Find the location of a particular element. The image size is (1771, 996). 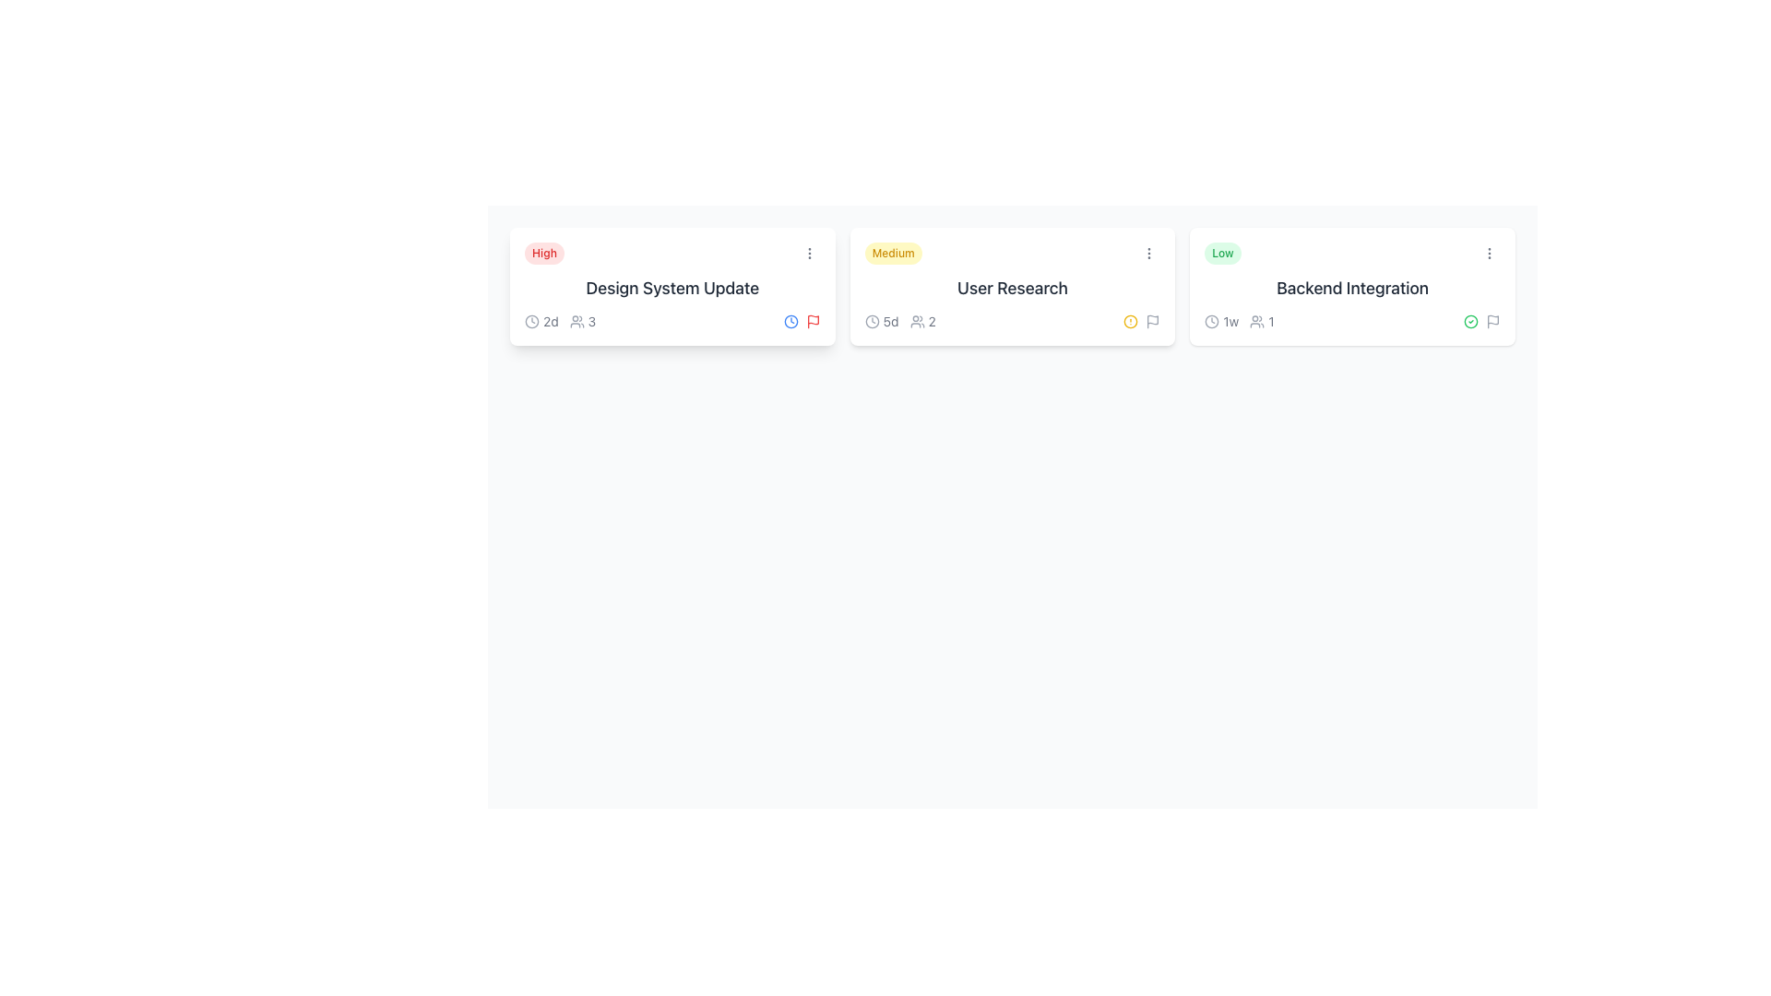

clock icon element, which is styled in gray with a circular outline and clock hands, located before the text '1w' in the 'Backend Integration' section is located at coordinates (1212, 320).